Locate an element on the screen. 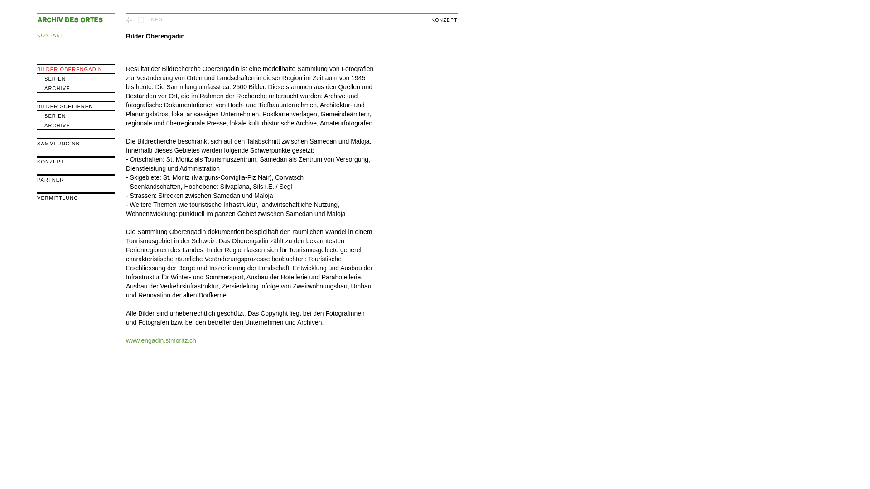 The height and width of the screenshot is (489, 870). 'BILDER OBERENGADIN' is located at coordinates (69, 69).